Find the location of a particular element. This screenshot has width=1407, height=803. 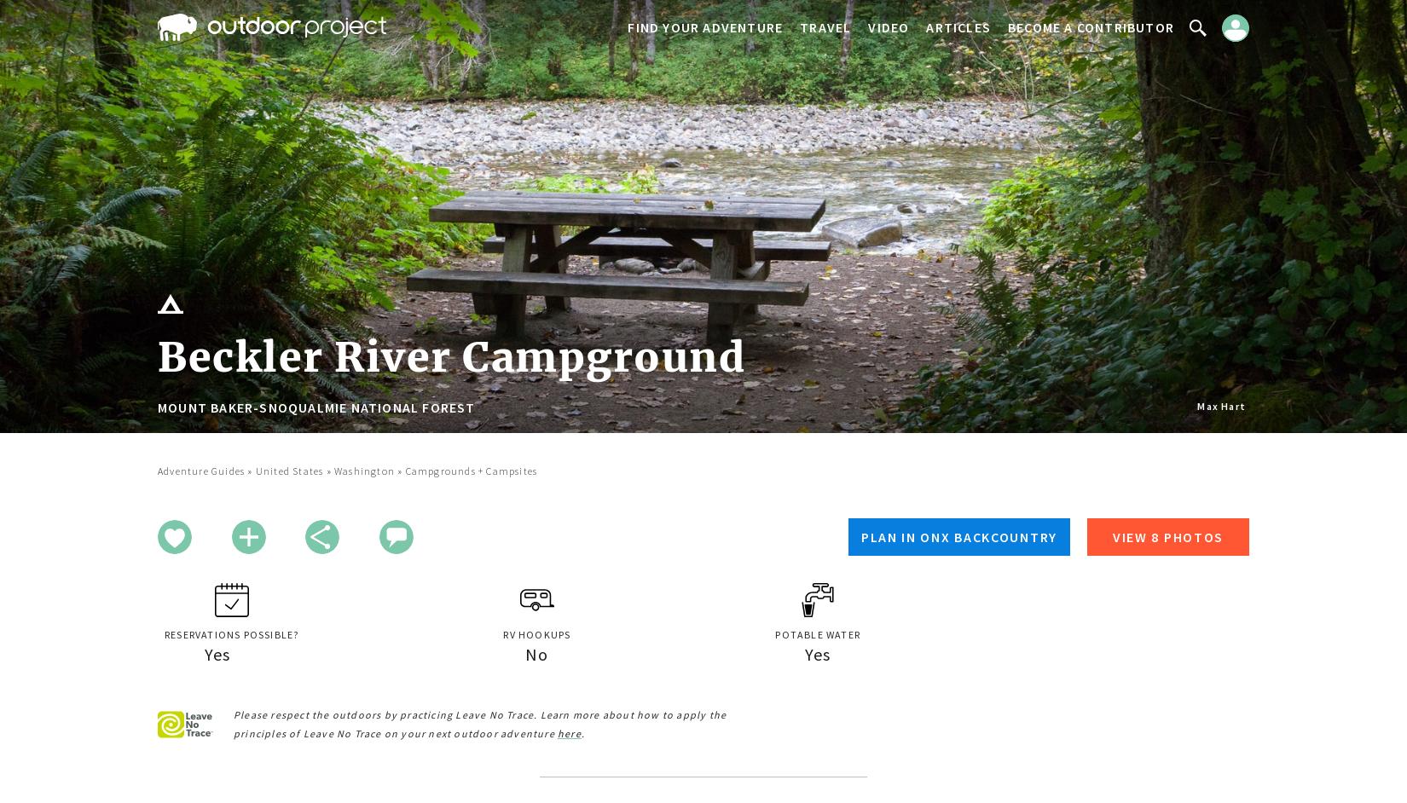

'Sign In' is located at coordinates (1203, 76).